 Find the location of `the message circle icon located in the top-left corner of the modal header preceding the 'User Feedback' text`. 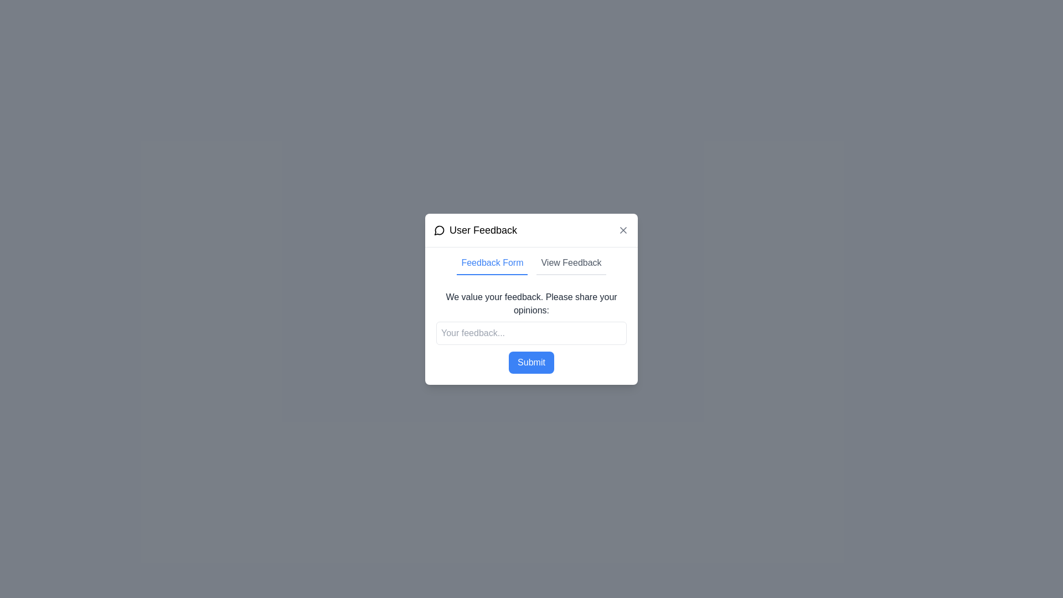

the message circle icon located in the top-left corner of the modal header preceding the 'User Feedback' text is located at coordinates (438, 229).